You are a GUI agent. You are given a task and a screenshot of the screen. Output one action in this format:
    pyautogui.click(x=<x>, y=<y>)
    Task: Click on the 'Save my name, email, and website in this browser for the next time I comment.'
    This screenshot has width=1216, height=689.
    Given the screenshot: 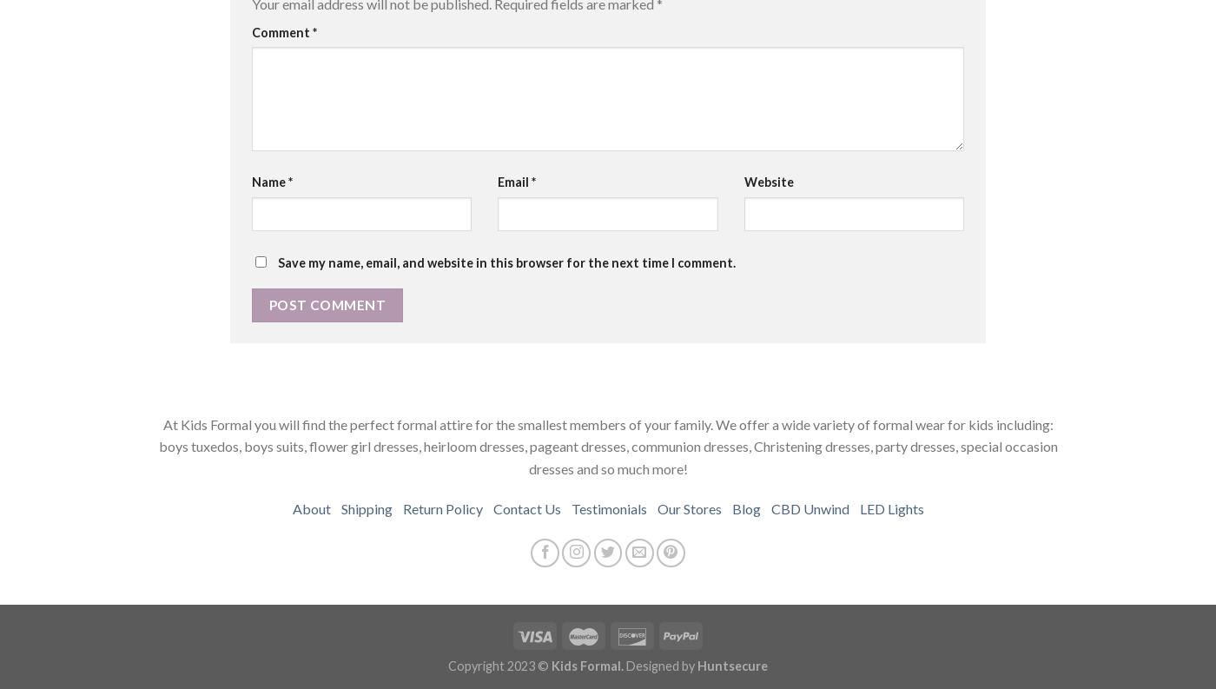 What is the action you would take?
    pyautogui.click(x=506, y=262)
    